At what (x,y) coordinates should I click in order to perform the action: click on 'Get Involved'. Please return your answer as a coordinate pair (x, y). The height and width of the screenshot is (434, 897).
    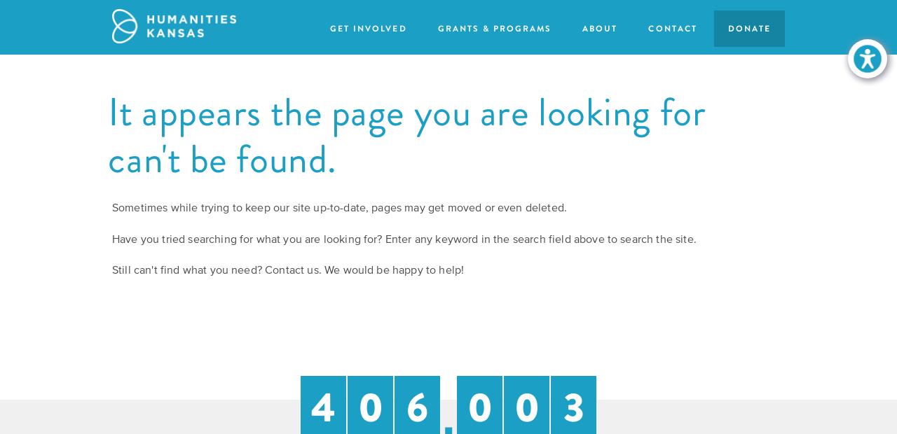
    Looking at the image, I should click on (368, 27).